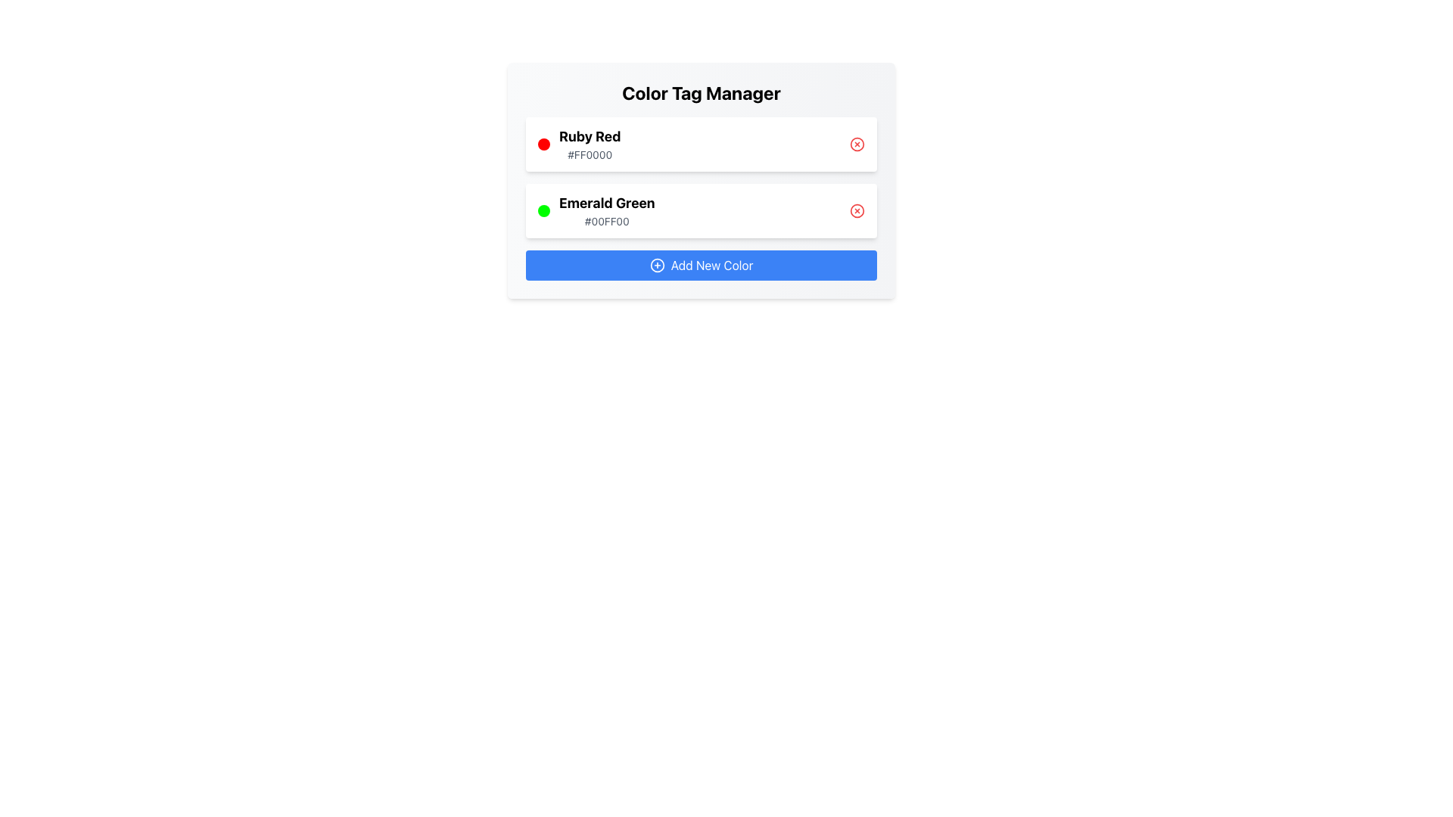 The image size is (1453, 817). Describe the element at coordinates (544, 210) in the screenshot. I see `the vibrant green circular Color Indicator located next to the text 'Emerald Green' and the hex code '#00FF00'` at that location.